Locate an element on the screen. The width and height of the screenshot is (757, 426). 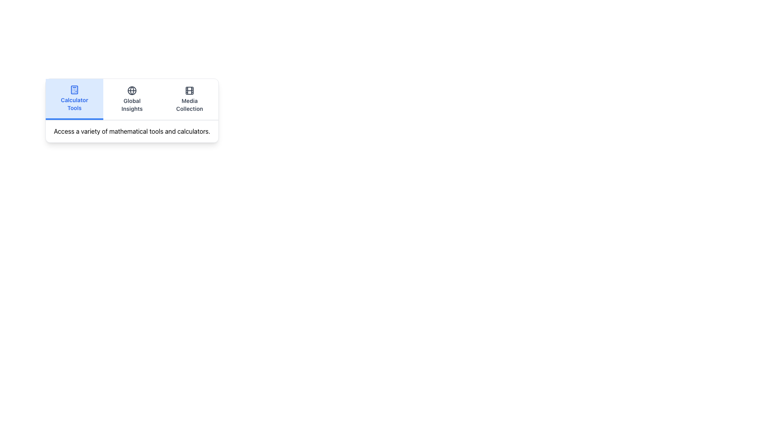
the navigation button for 'Global Insights' to change its background color is located at coordinates (132, 99).